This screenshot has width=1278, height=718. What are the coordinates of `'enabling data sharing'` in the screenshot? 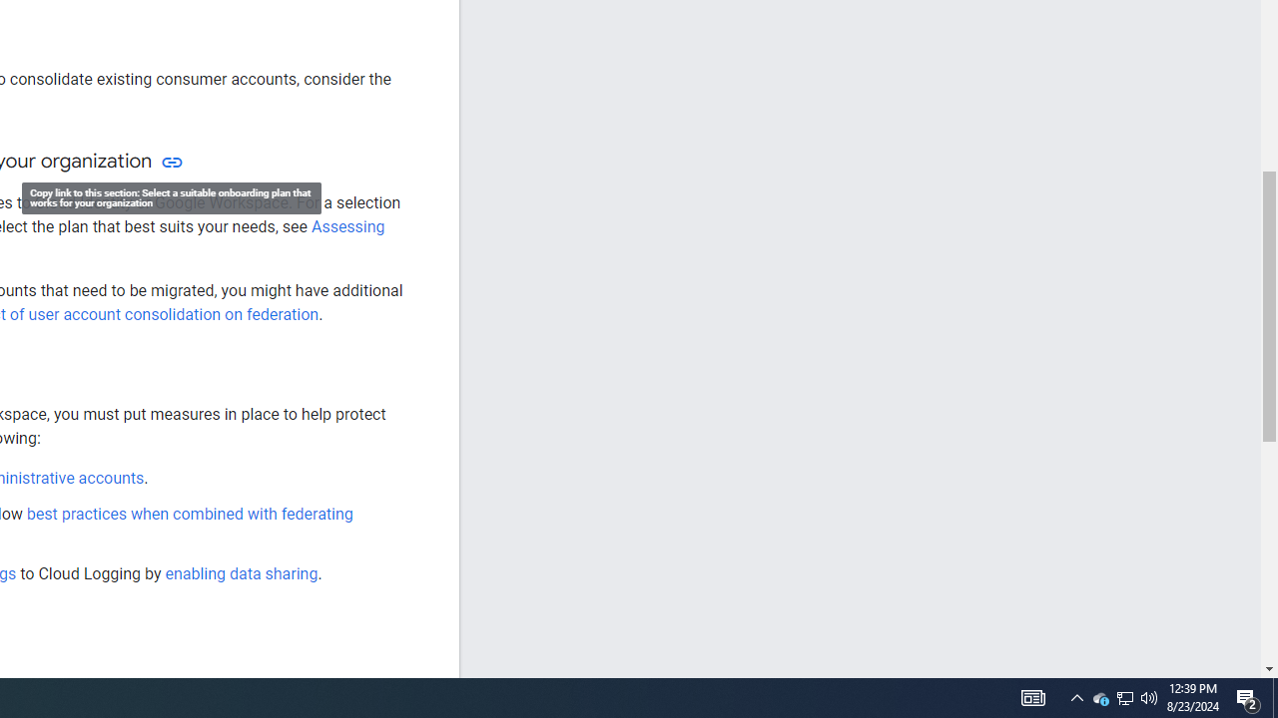 It's located at (240, 573).